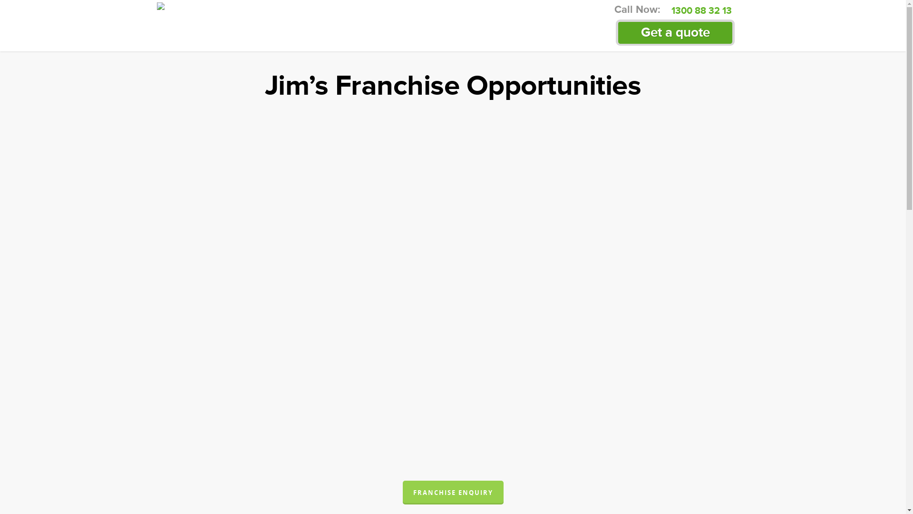 The width and height of the screenshot is (913, 514). What do you see at coordinates (660, 13) in the screenshot?
I see `'1300 88 32 13'` at bounding box center [660, 13].